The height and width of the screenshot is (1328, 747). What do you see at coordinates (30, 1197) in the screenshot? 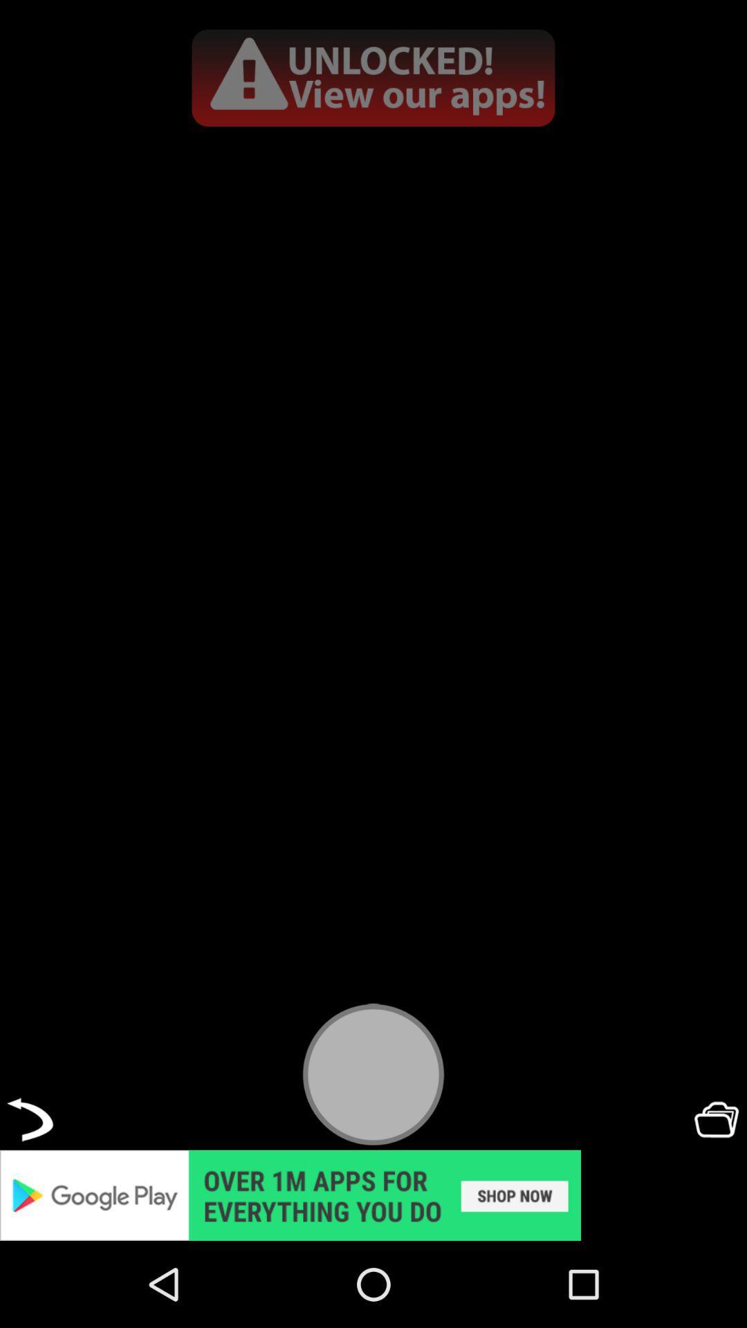
I see `the undo icon` at bounding box center [30, 1197].